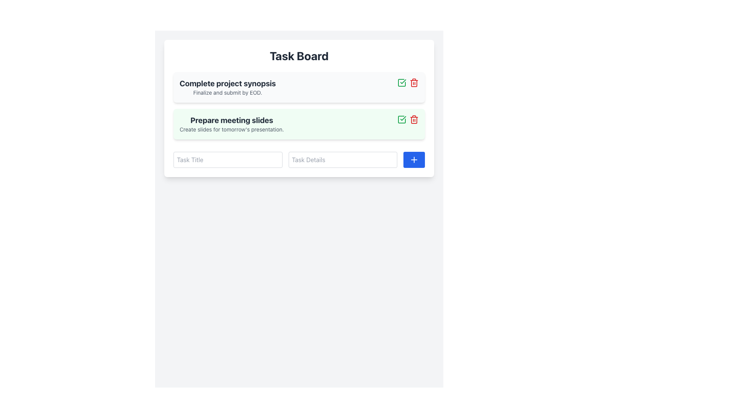 The width and height of the screenshot is (737, 414). What do you see at coordinates (227, 84) in the screenshot?
I see `the bold text label that reads 'Complete project synopsis' located at the top of the first task card in the task board` at bounding box center [227, 84].